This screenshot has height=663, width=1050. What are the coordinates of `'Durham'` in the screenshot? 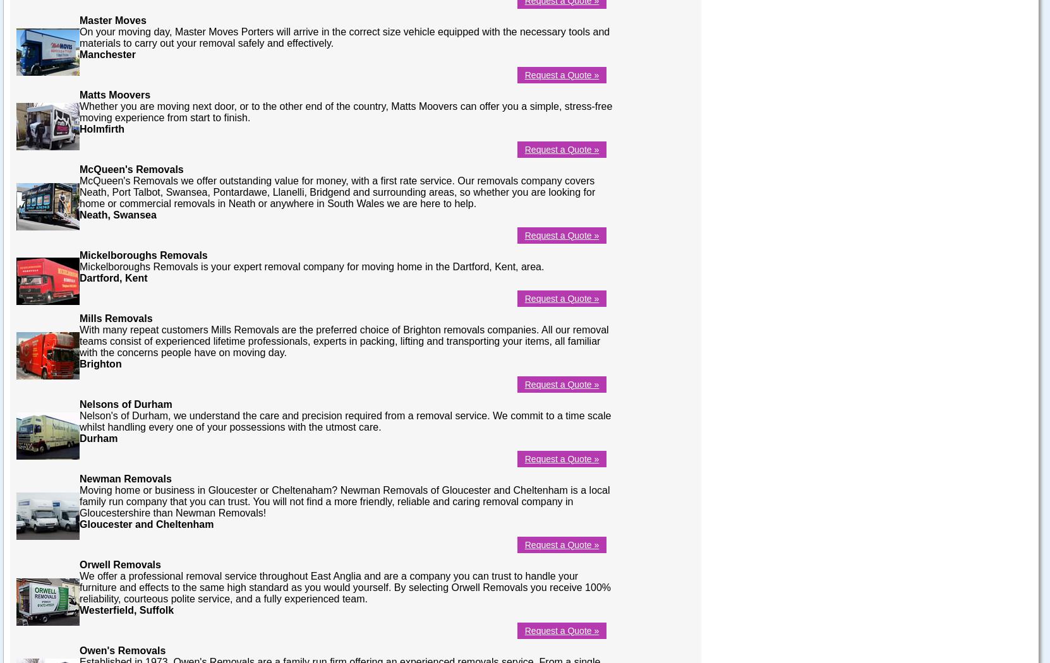 It's located at (79, 438).